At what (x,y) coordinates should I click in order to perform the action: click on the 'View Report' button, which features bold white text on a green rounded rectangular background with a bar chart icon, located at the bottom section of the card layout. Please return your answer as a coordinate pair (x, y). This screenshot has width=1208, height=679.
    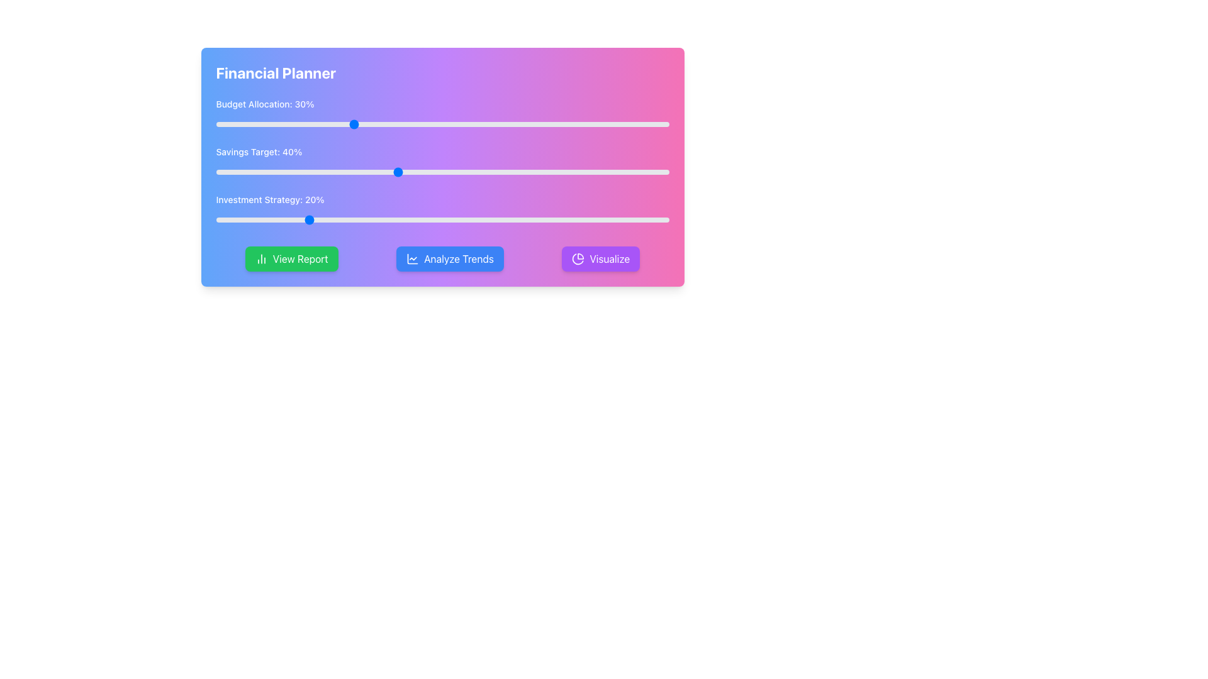
    Looking at the image, I should click on (299, 258).